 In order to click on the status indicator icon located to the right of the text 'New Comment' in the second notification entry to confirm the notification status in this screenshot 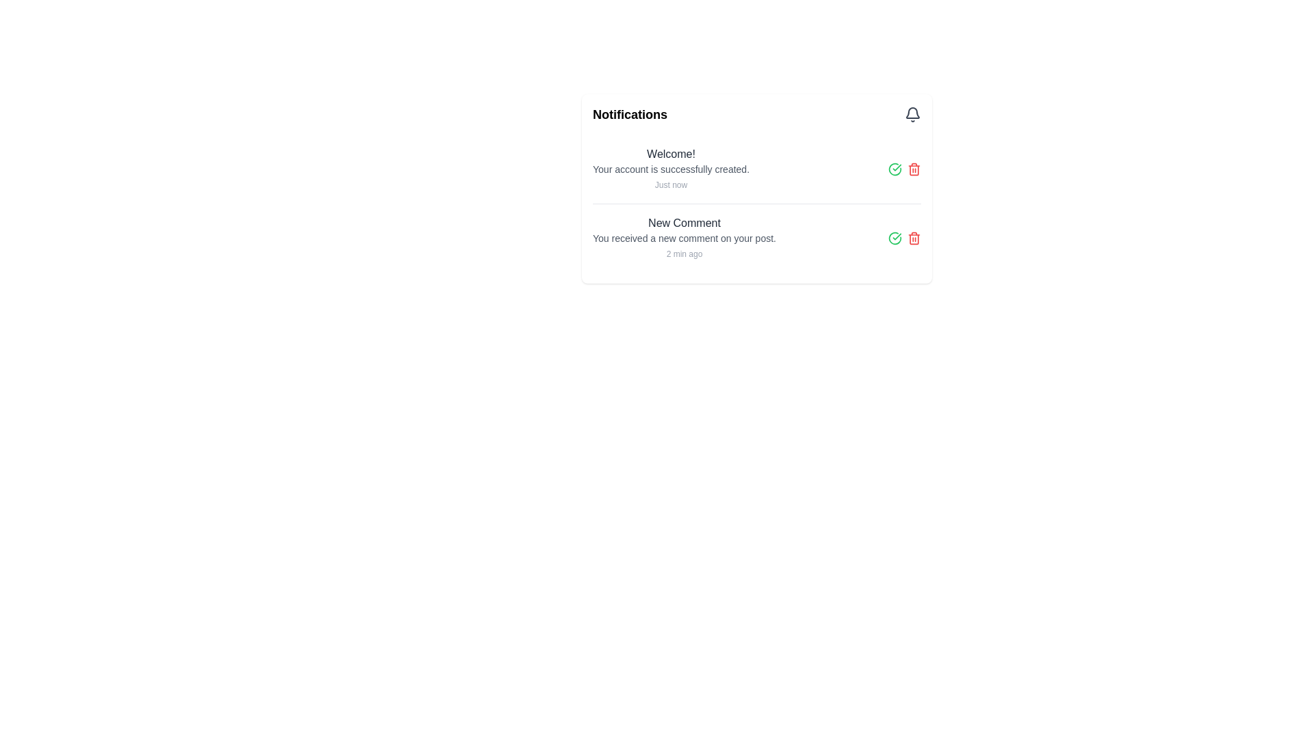, I will do `click(895, 168)`.